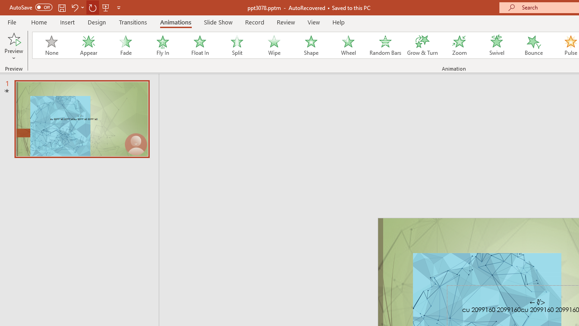  I want to click on 'Fly In', so click(162, 45).